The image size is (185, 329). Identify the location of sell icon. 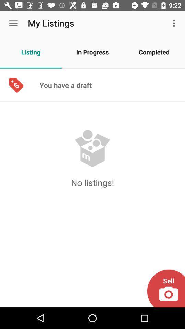
(165, 288).